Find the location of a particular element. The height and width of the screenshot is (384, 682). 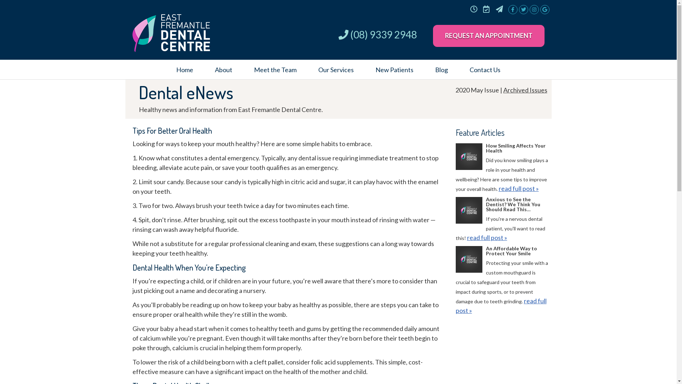

'REQUEST AN APPOINTMENT' is located at coordinates (488, 36).